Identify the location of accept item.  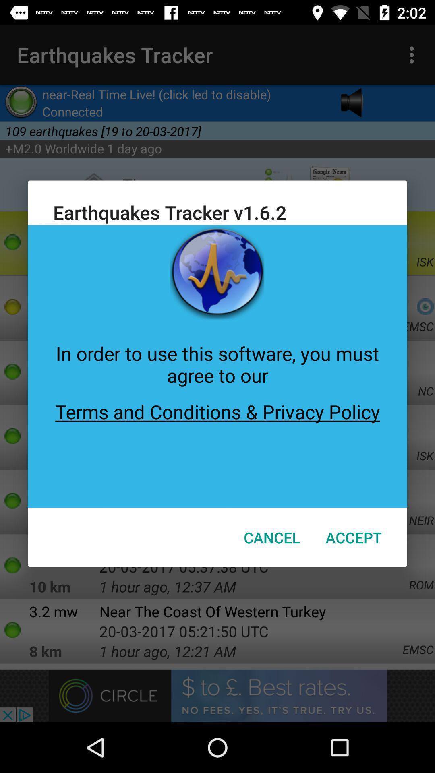
(353, 537).